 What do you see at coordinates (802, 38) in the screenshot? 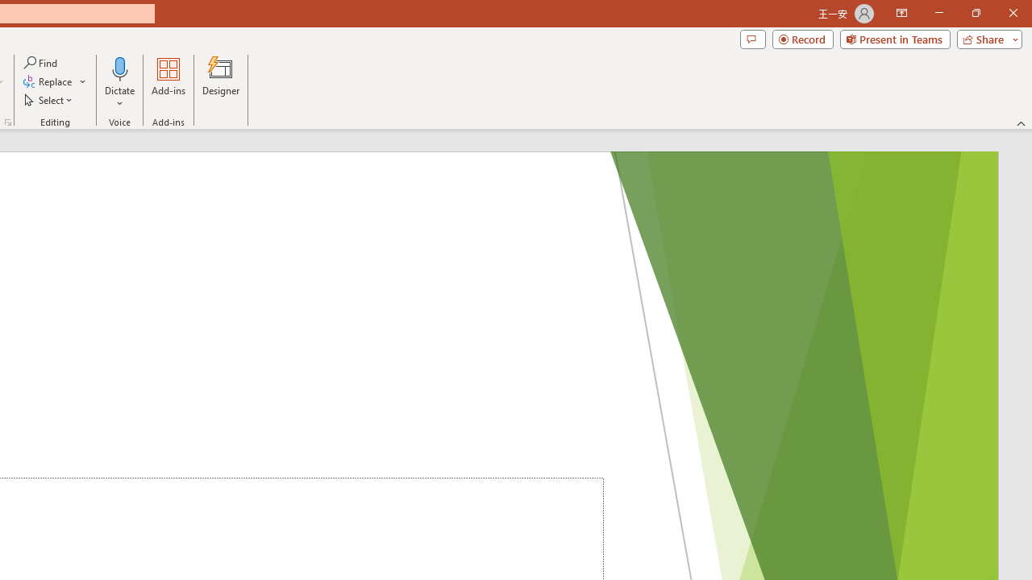
I see `'Record'` at bounding box center [802, 38].